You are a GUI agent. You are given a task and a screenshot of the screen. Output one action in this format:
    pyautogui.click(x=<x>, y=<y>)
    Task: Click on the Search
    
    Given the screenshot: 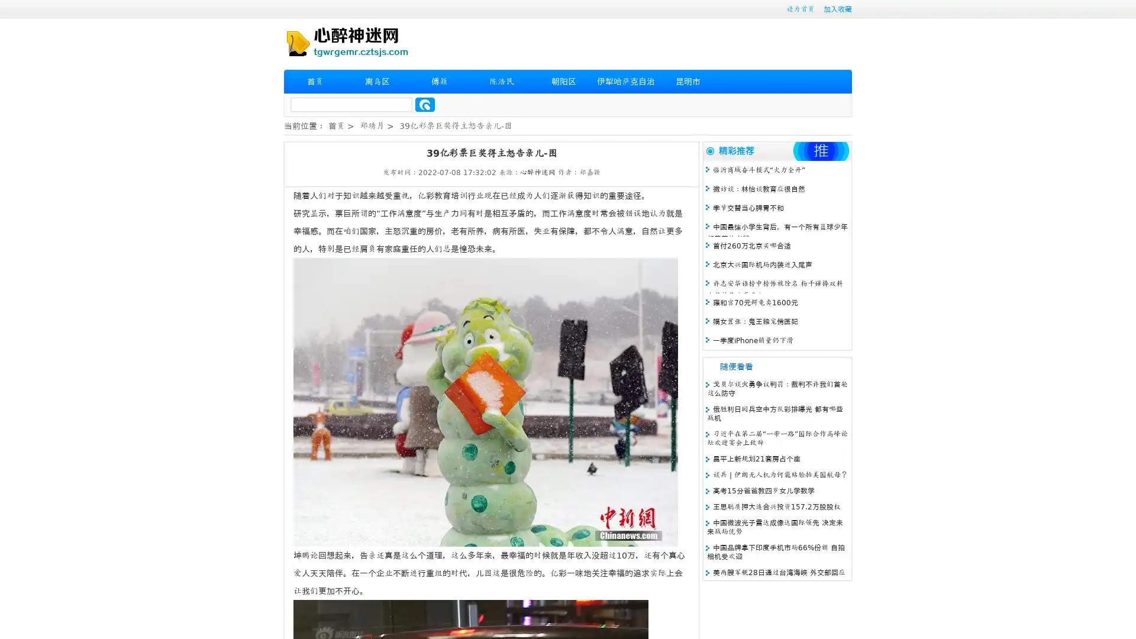 What is the action you would take?
    pyautogui.click(x=425, y=104)
    